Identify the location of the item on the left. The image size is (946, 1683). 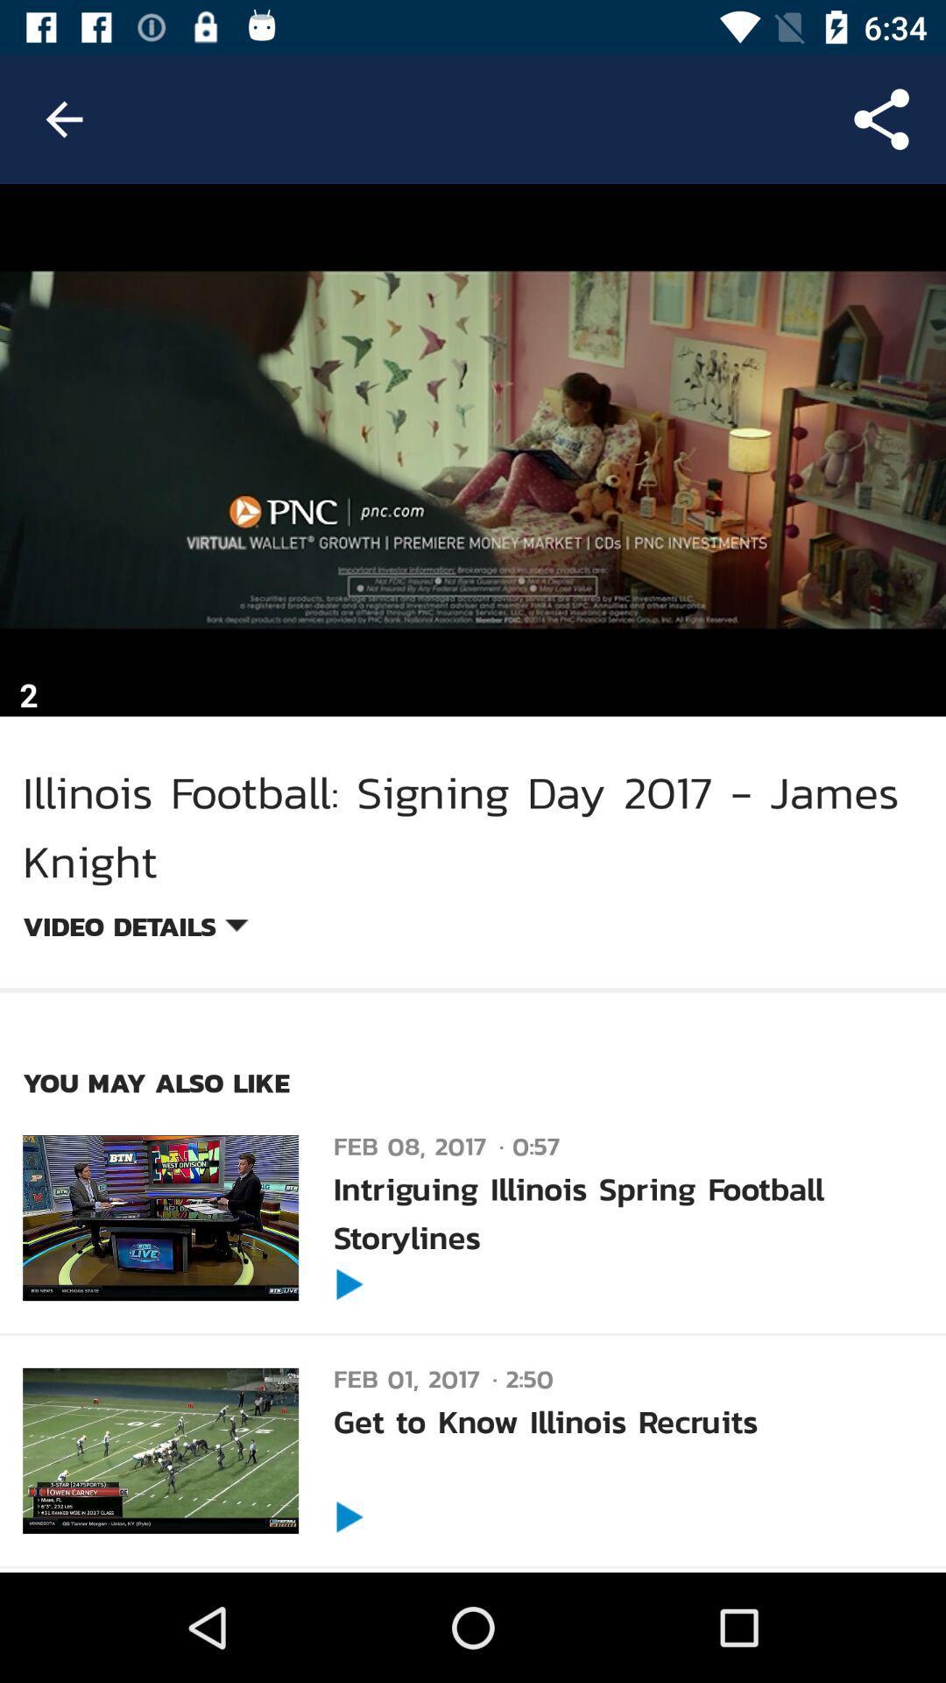
(134, 928).